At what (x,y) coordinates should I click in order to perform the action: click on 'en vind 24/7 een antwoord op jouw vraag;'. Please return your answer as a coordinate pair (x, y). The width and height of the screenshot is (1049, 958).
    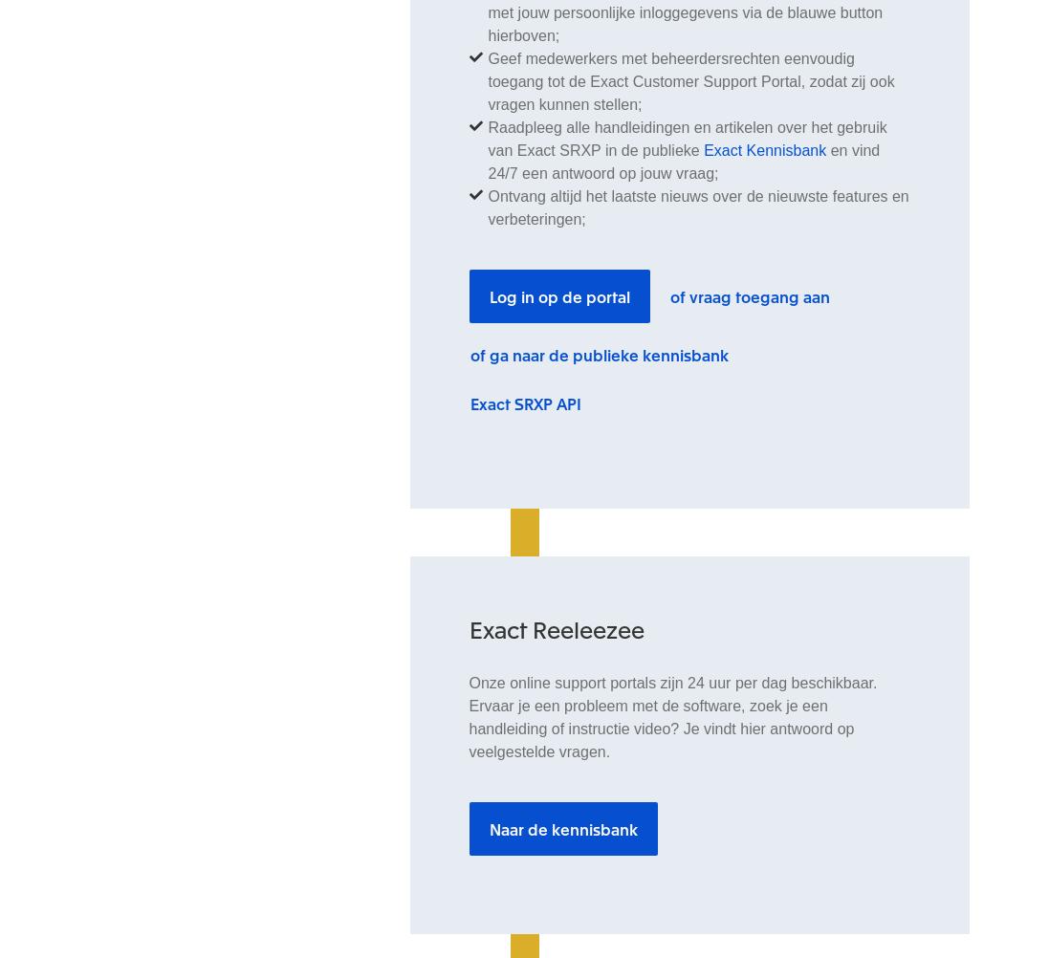
    Looking at the image, I should click on (486, 162).